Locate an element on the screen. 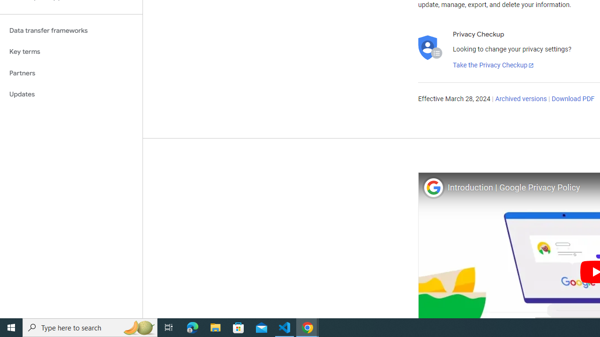  'Photo image of Google' is located at coordinates (433, 187).